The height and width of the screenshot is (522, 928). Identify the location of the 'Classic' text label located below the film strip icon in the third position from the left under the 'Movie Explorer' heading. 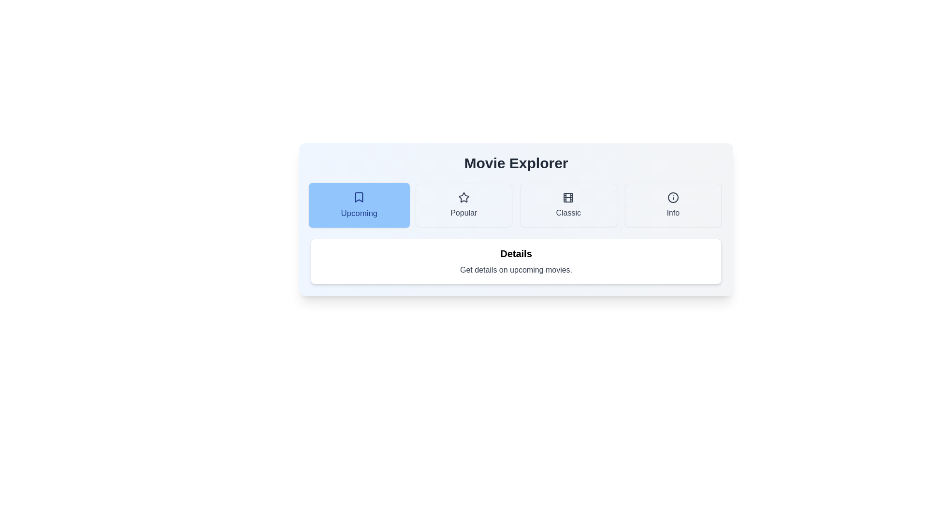
(568, 212).